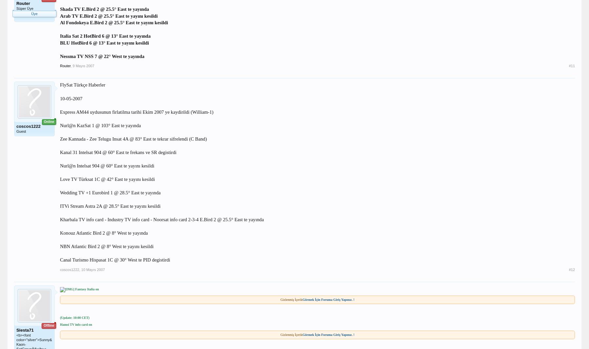 This screenshot has height=349, width=589. Describe the element at coordinates (48, 325) in the screenshot. I see `'Offline'` at that location.